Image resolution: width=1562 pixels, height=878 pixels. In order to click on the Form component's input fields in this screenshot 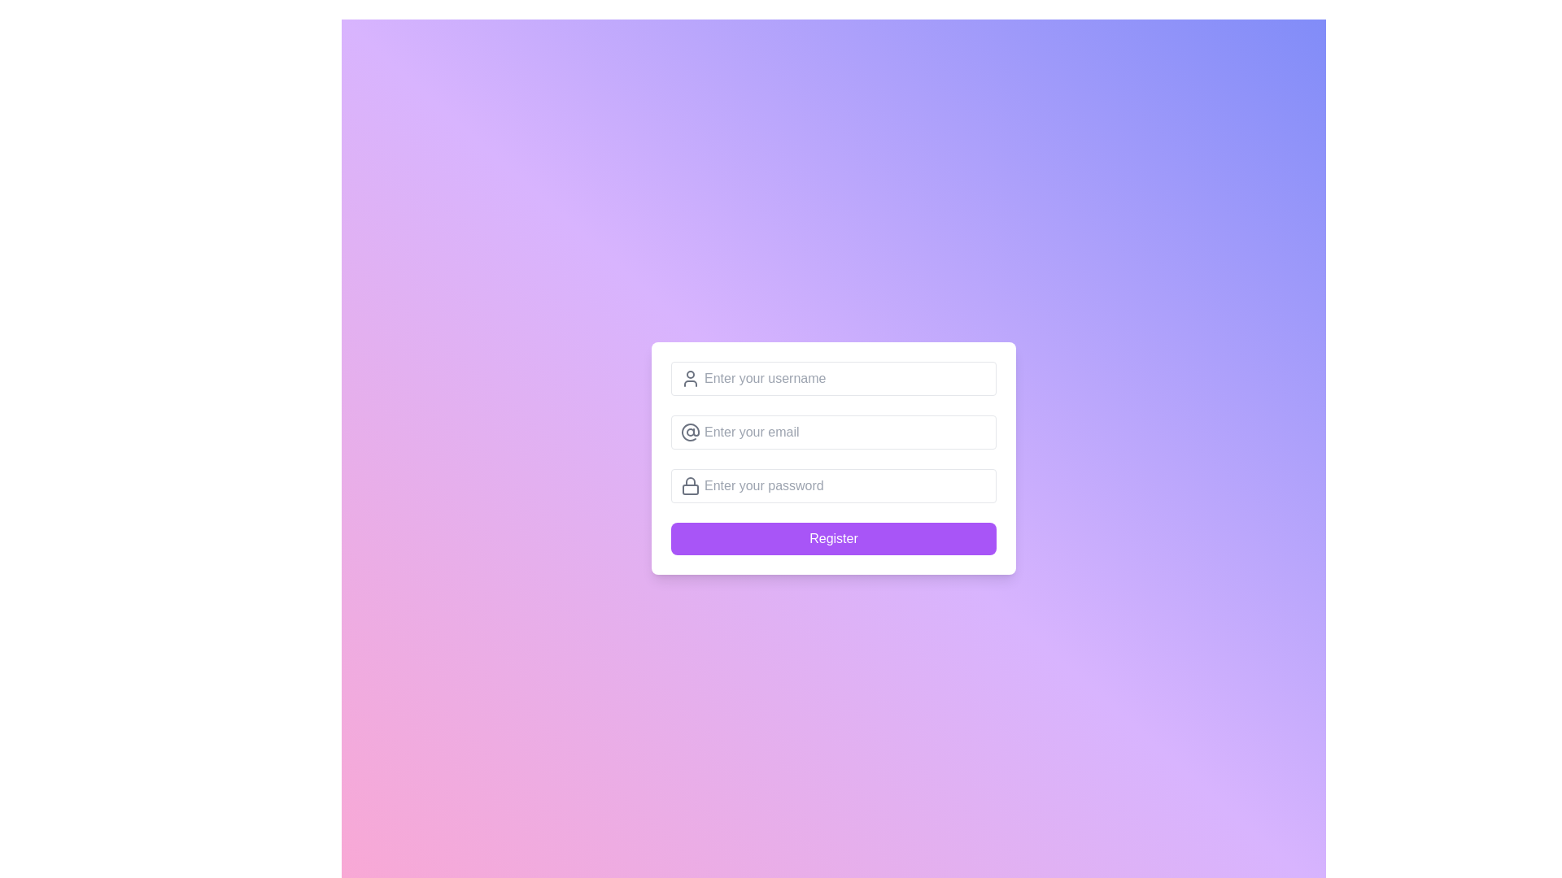, I will do `click(834, 458)`.